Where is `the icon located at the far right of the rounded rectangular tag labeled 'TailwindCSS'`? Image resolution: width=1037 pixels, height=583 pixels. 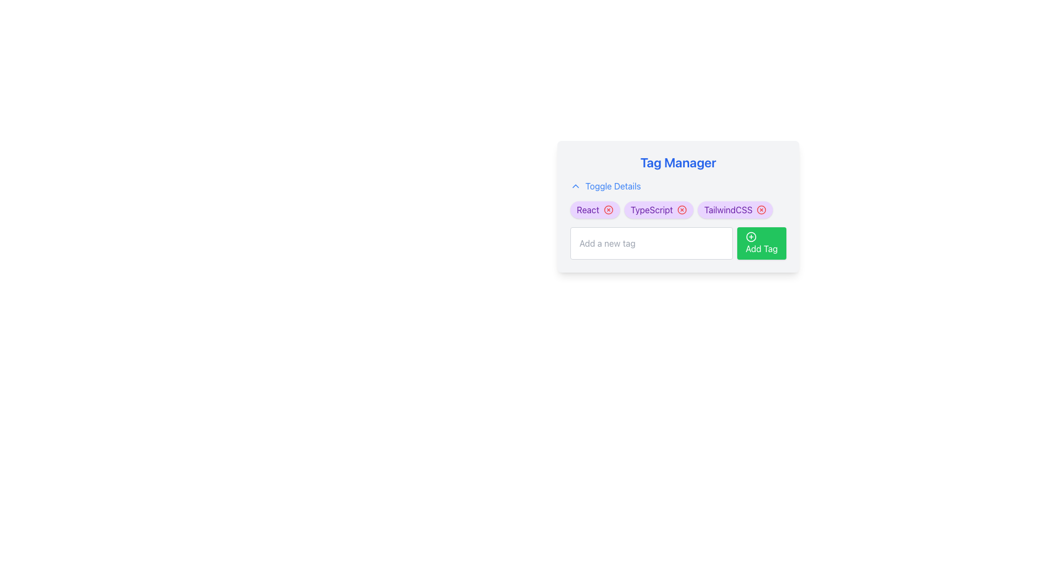 the icon located at the far right of the rounded rectangular tag labeled 'TailwindCSS' is located at coordinates (761, 210).